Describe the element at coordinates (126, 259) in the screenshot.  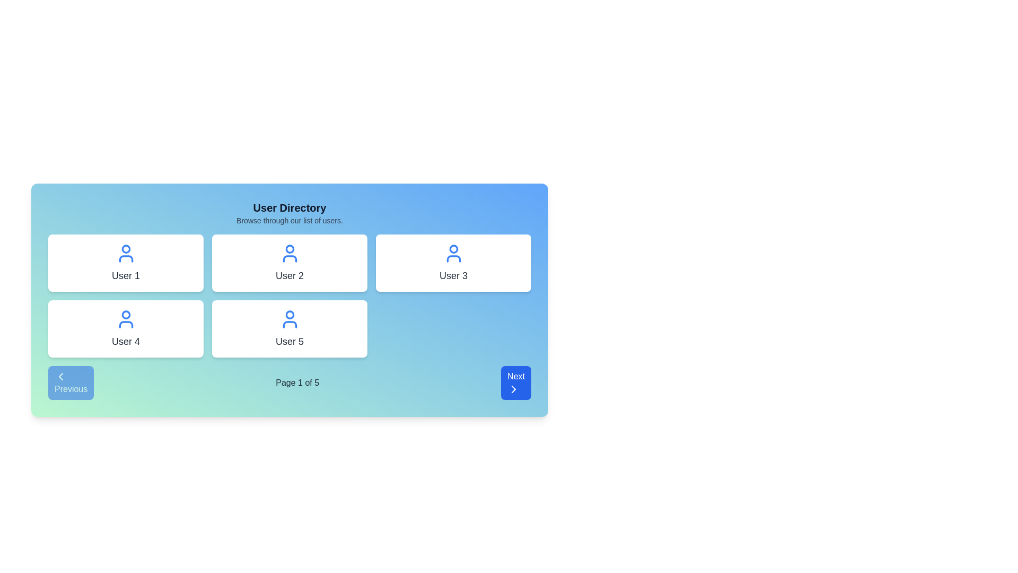
I see `the lower portion of the user avatar icon within the first user card labeled 'User 1' in the top-left corner of the interface` at that location.